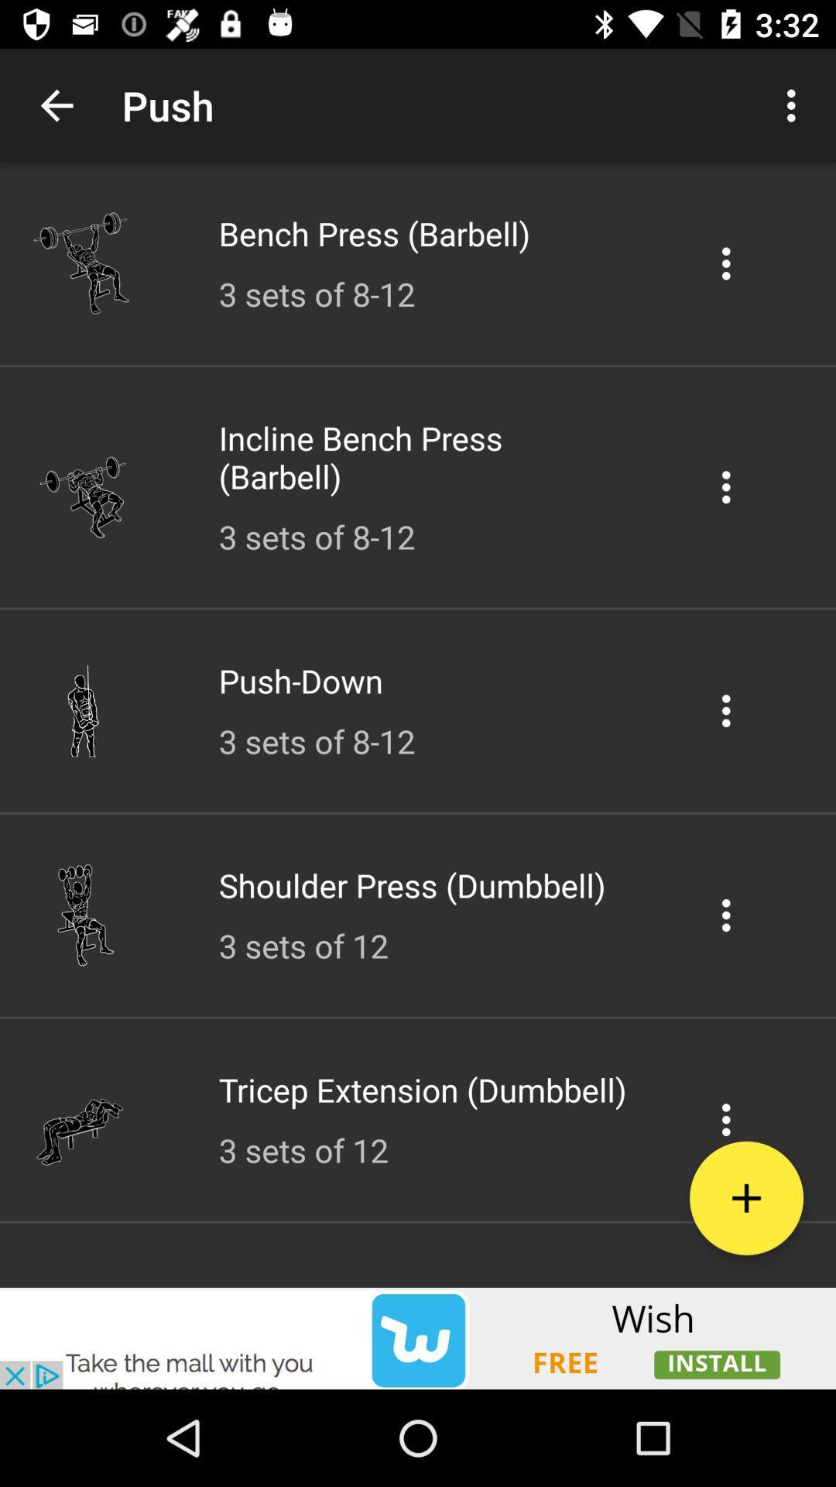 The image size is (836, 1487). I want to click on configuration option, so click(726, 709).